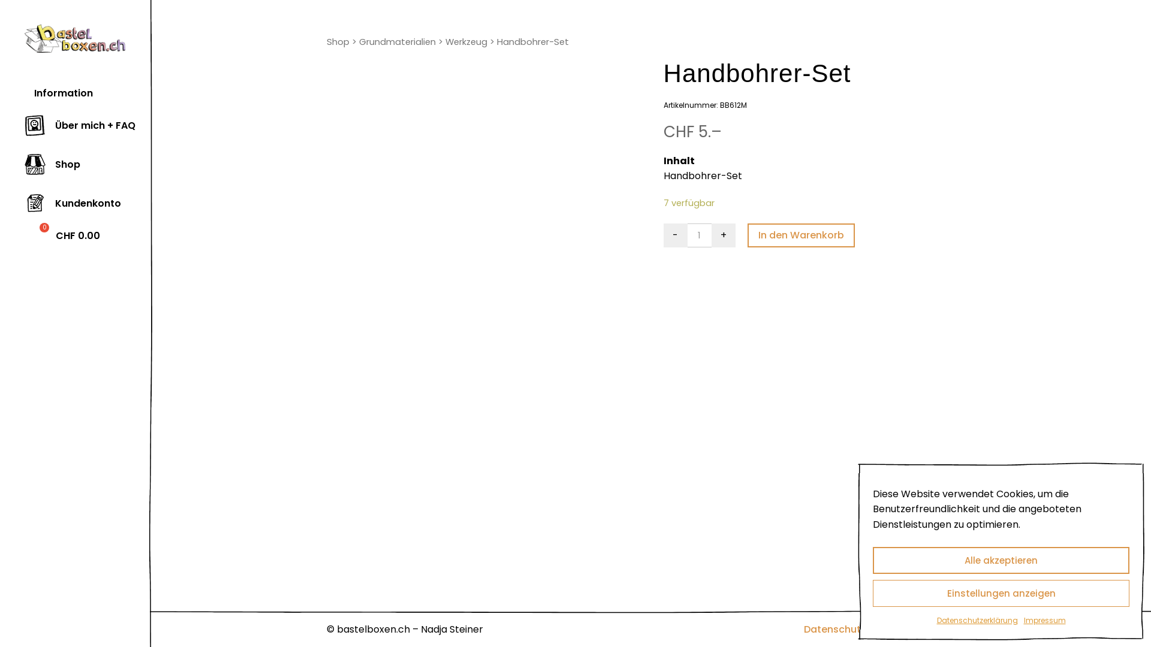 Image resolution: width=1151 pixels, height=647 pixels. Describe the element at coordinates (747, 235) in the screenshot. I see `'In den Warenkorb'` at that location.